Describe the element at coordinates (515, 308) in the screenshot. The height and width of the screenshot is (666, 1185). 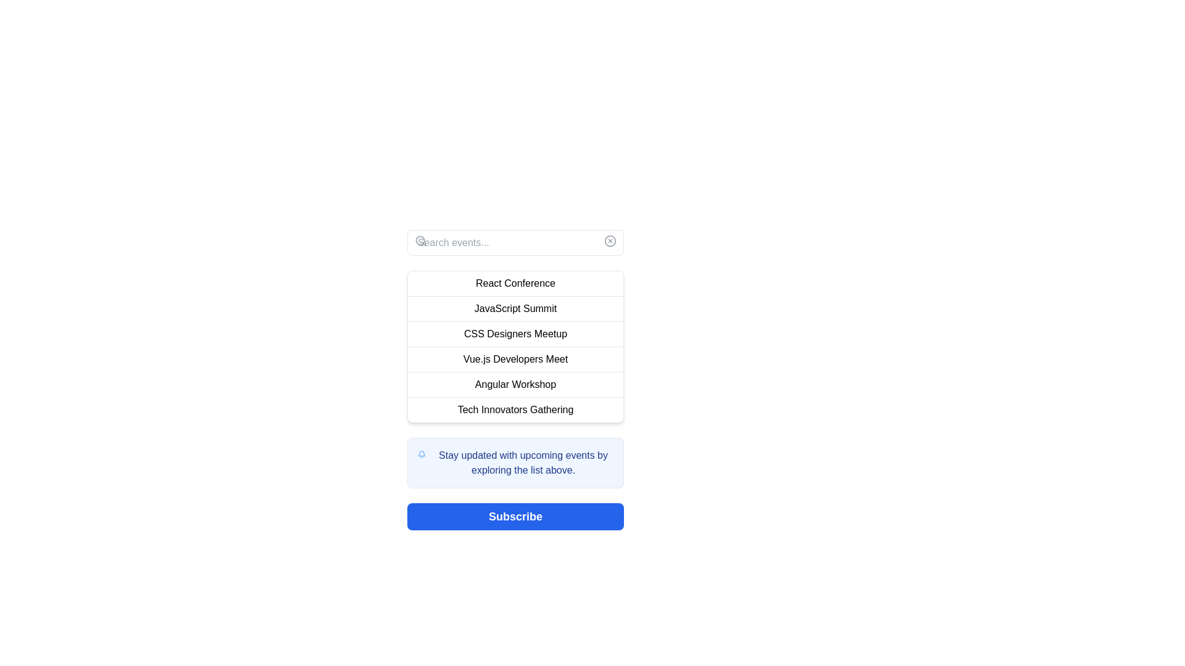
I see `the list item displaying 'JavaScript Summit'` at that location.